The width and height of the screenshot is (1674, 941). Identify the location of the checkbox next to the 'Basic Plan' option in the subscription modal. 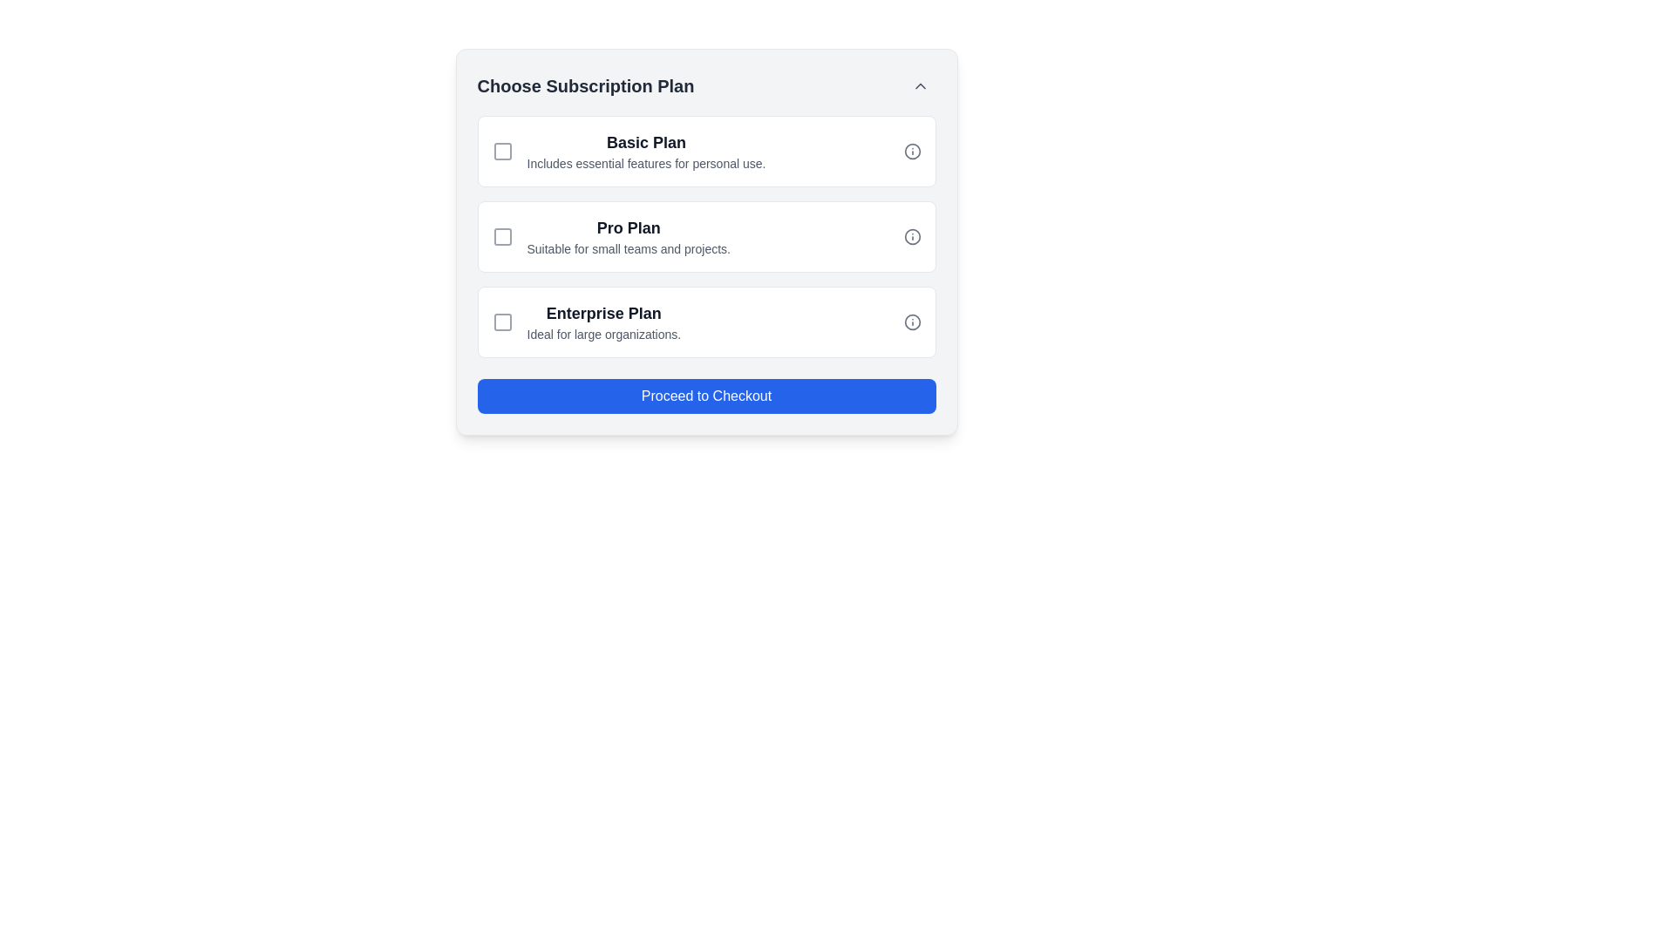
(501, 150).